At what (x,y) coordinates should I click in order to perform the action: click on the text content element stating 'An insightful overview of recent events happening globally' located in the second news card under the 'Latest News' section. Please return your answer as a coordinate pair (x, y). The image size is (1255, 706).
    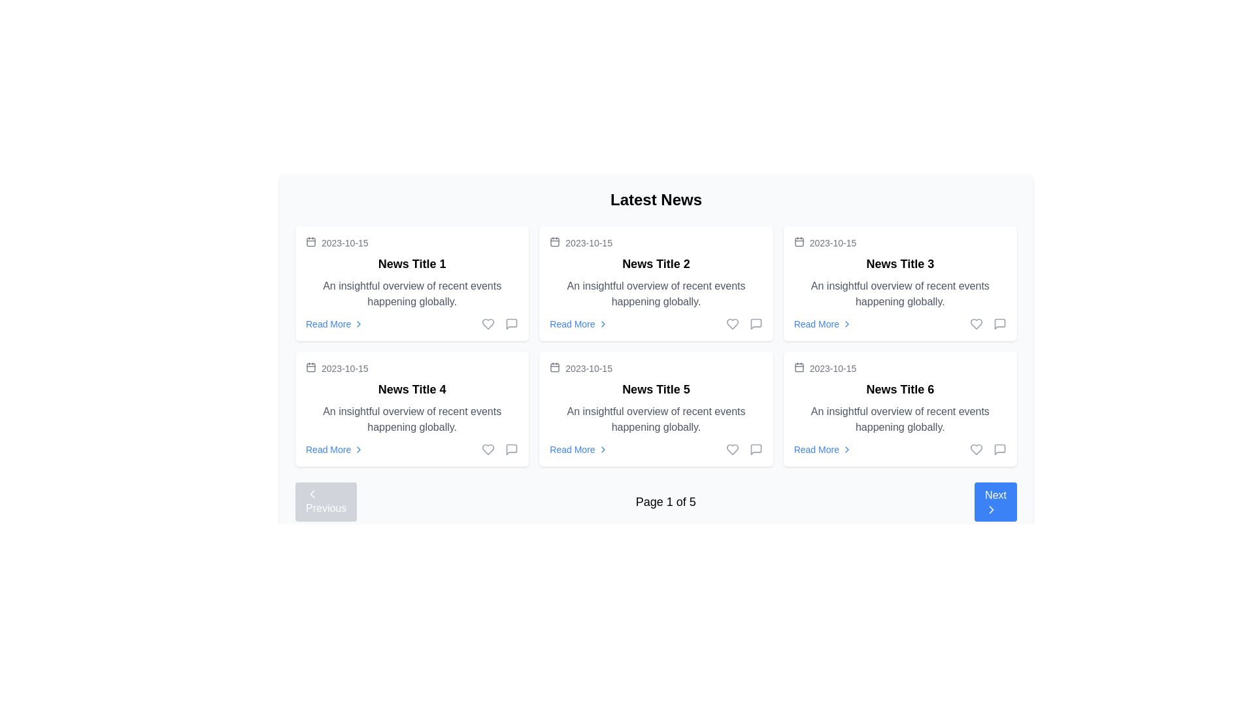
    Looking at the image, I should click on (656, 294).